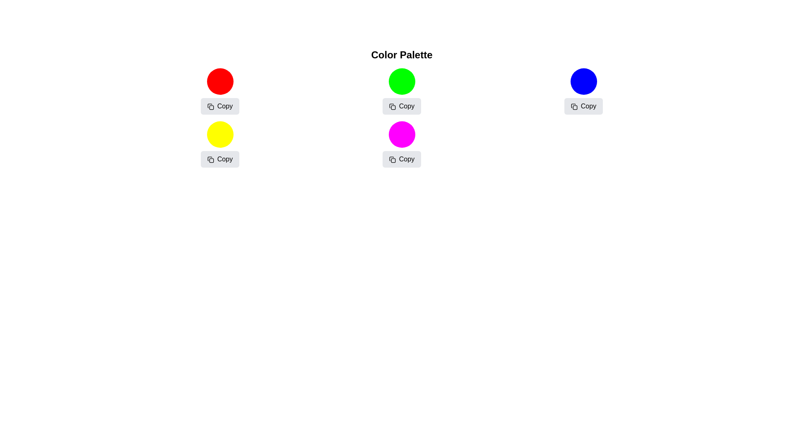 This screenshot has width=795, height=447. What do you see at coordinates (220, 106) in the screenshot?
I see `the 'Copy' button, which has a light gray background and is located in the middle section of the interface below a red circular icon` at bounding box center [220, 106].